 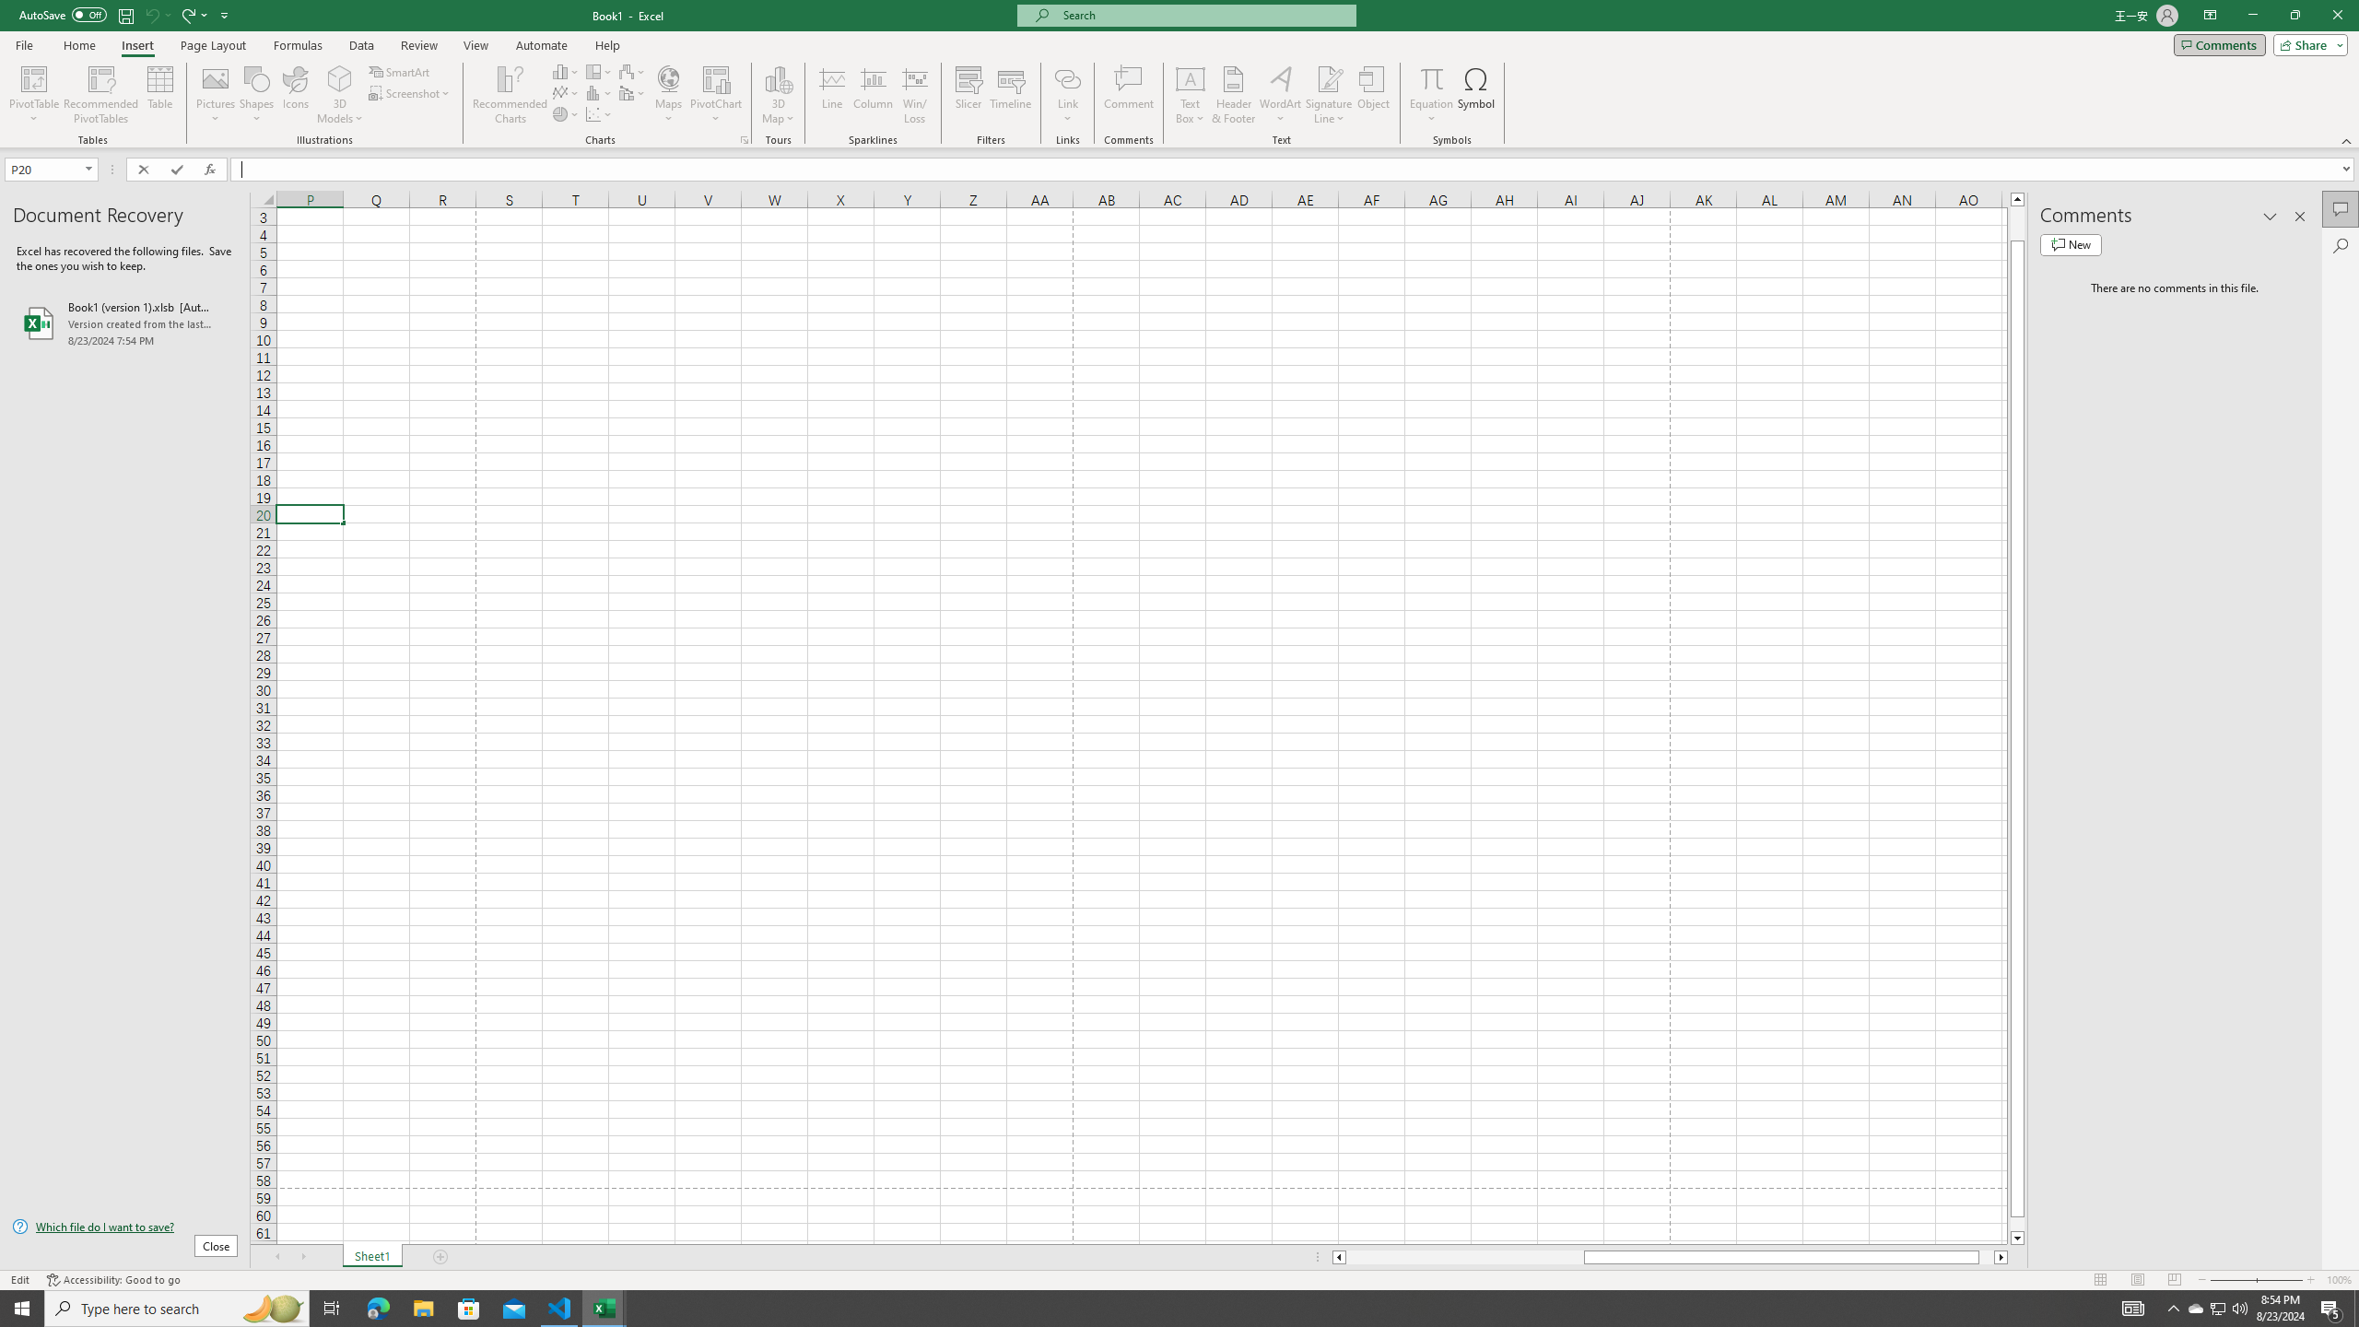 What do you see at coordinates (1431, 77) in the screenshot?
I see `'Equation'` at bounding box center [1431, 77].